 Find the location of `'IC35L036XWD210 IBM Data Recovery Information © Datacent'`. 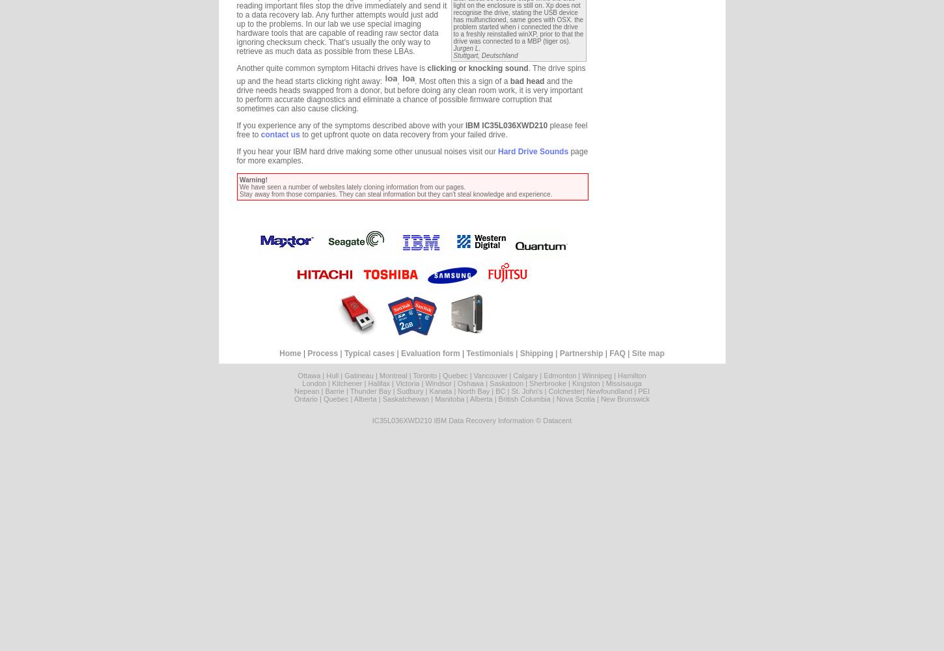

'IC35L036XWD210 IBM Data Recovery Information © Datacent' is located at coordinates (471, 421).